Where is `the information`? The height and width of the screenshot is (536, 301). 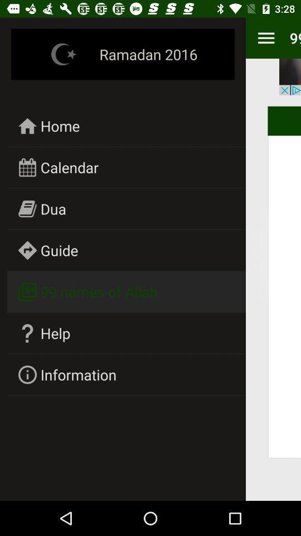
the information is located at coordinates (77, 375).